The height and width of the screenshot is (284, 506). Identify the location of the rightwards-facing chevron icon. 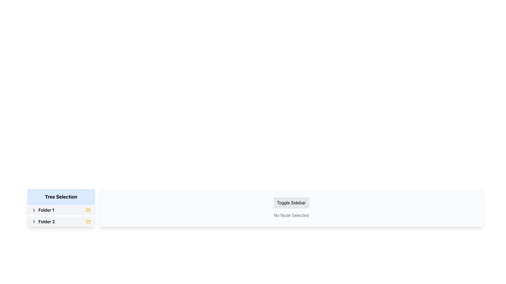
(34, 222).